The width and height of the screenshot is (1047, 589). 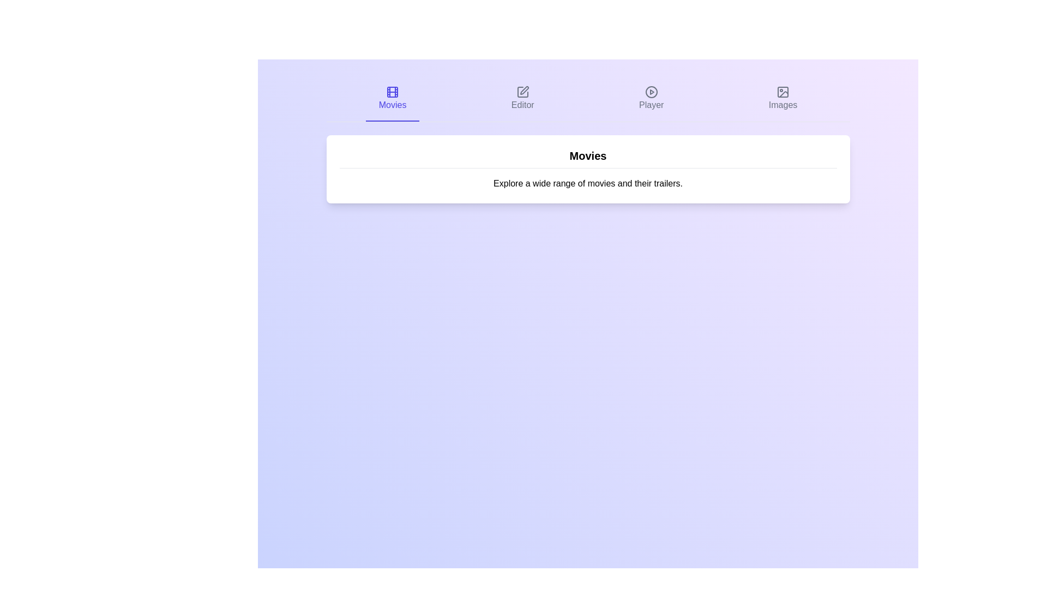 I want to click on the Images tab by clicking on it, so click(x=782, y=99).